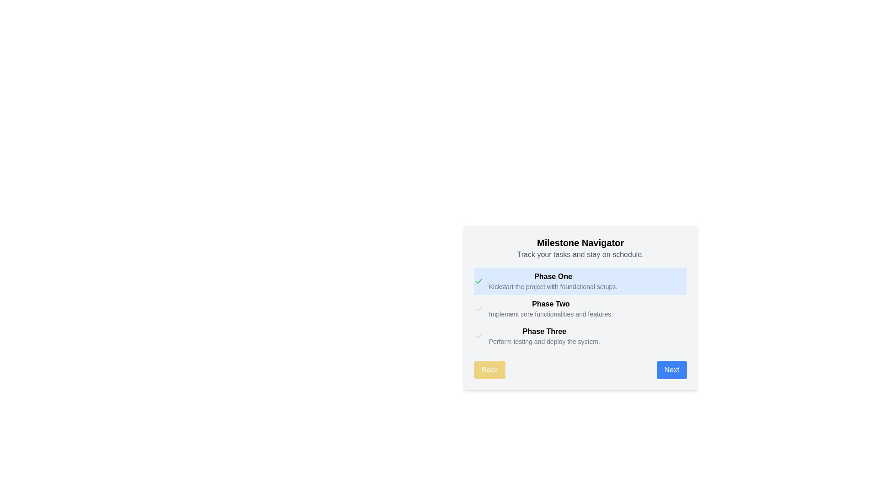 The width and height of the screenshot is (879, 494). Describe the element at coordinates (553, 280) in the screenshot. I see `the Static Text Block with Descriptive Layers that describes the first phase of the project in the Milestone Navigator interface` at that location.